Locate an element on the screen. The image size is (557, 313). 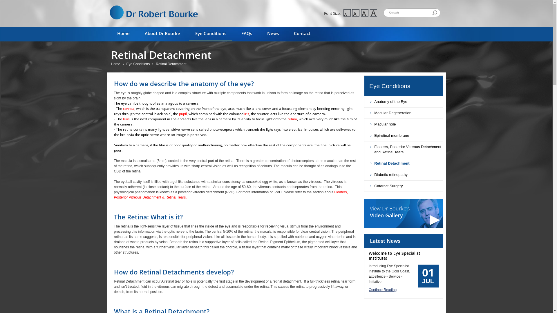
'Welcome to Eye Specialist Institute!' is located at coordinates (368, 255).